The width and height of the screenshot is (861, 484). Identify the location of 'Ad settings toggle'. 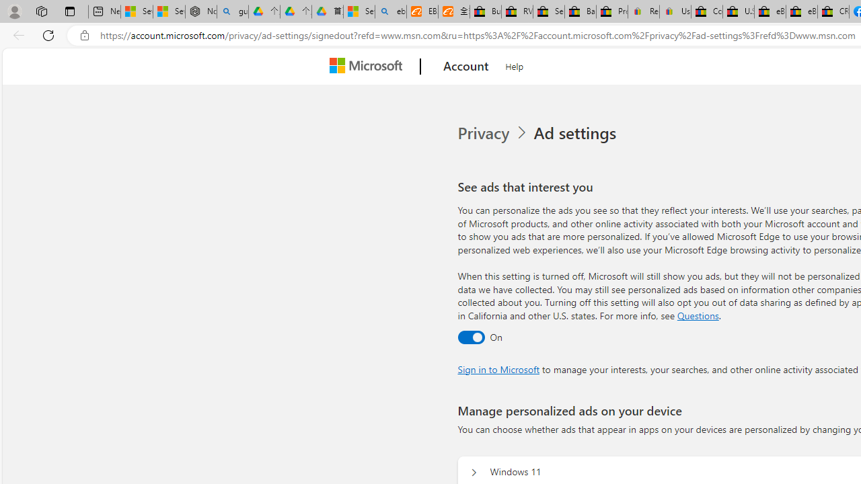
(471, 336).